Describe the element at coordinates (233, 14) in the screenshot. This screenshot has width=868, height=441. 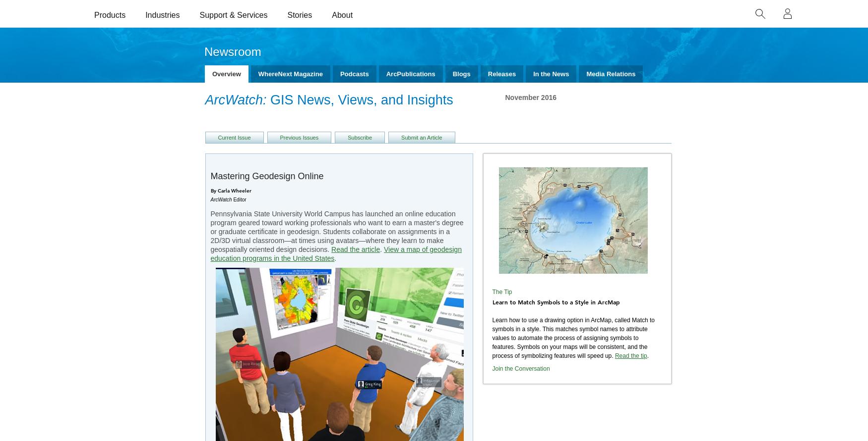
I see `'Support & Services'` at that location.